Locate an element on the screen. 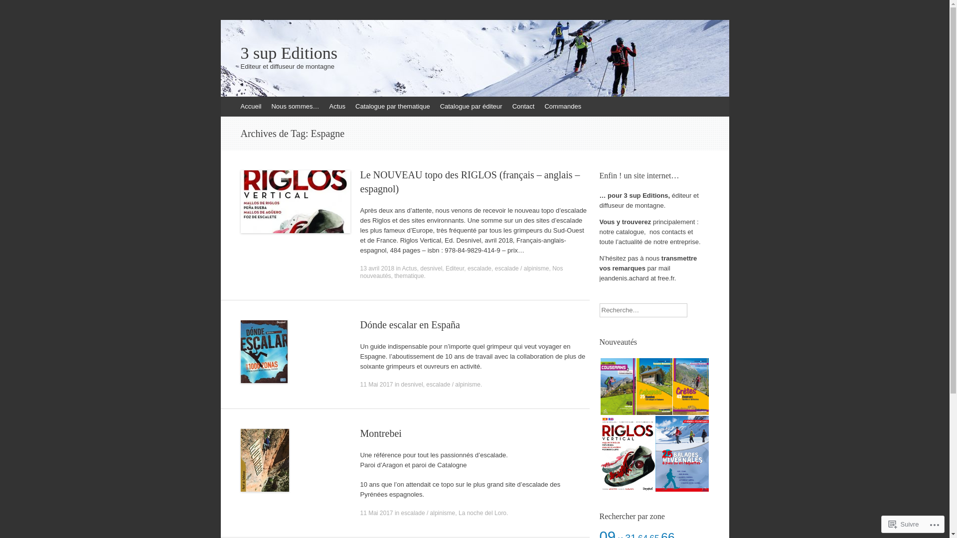 This screenshot has width=957, height=538. 'Actus' is located at coordinates (337, 106).